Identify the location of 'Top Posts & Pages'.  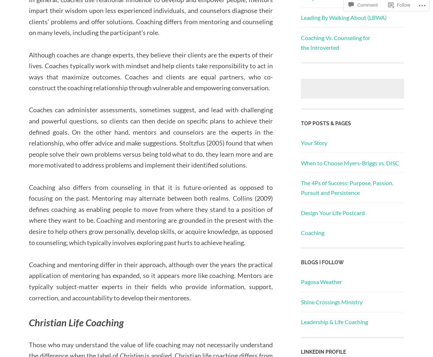
(326, 123).